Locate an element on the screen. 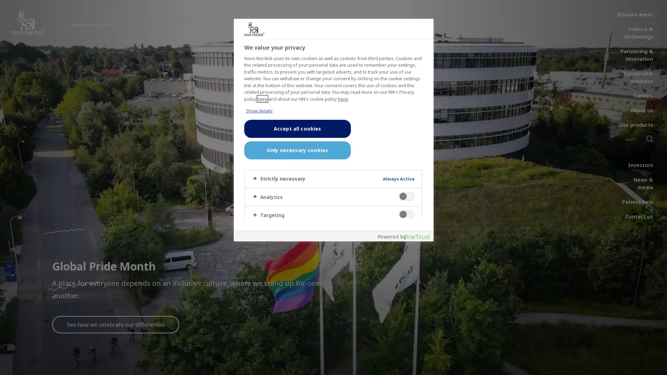  See how we celebrate our differences is located at coordinates (115, 324).